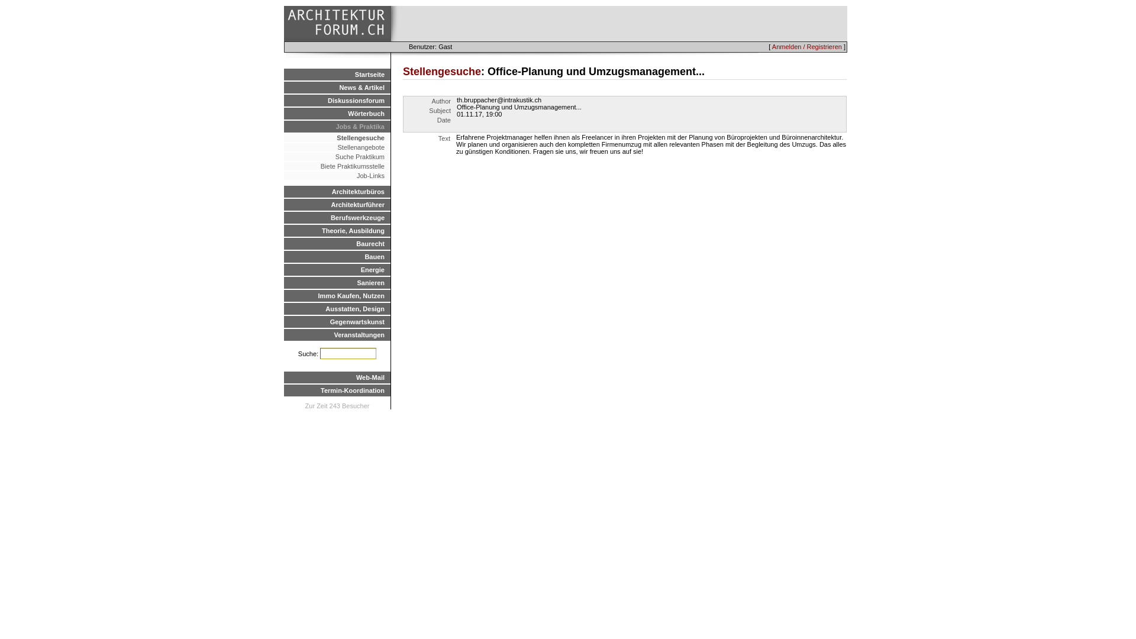  Describe the element at coordinates (337, 217) in the screenshot. I see `'Berufswerkzeuge'` at that location.